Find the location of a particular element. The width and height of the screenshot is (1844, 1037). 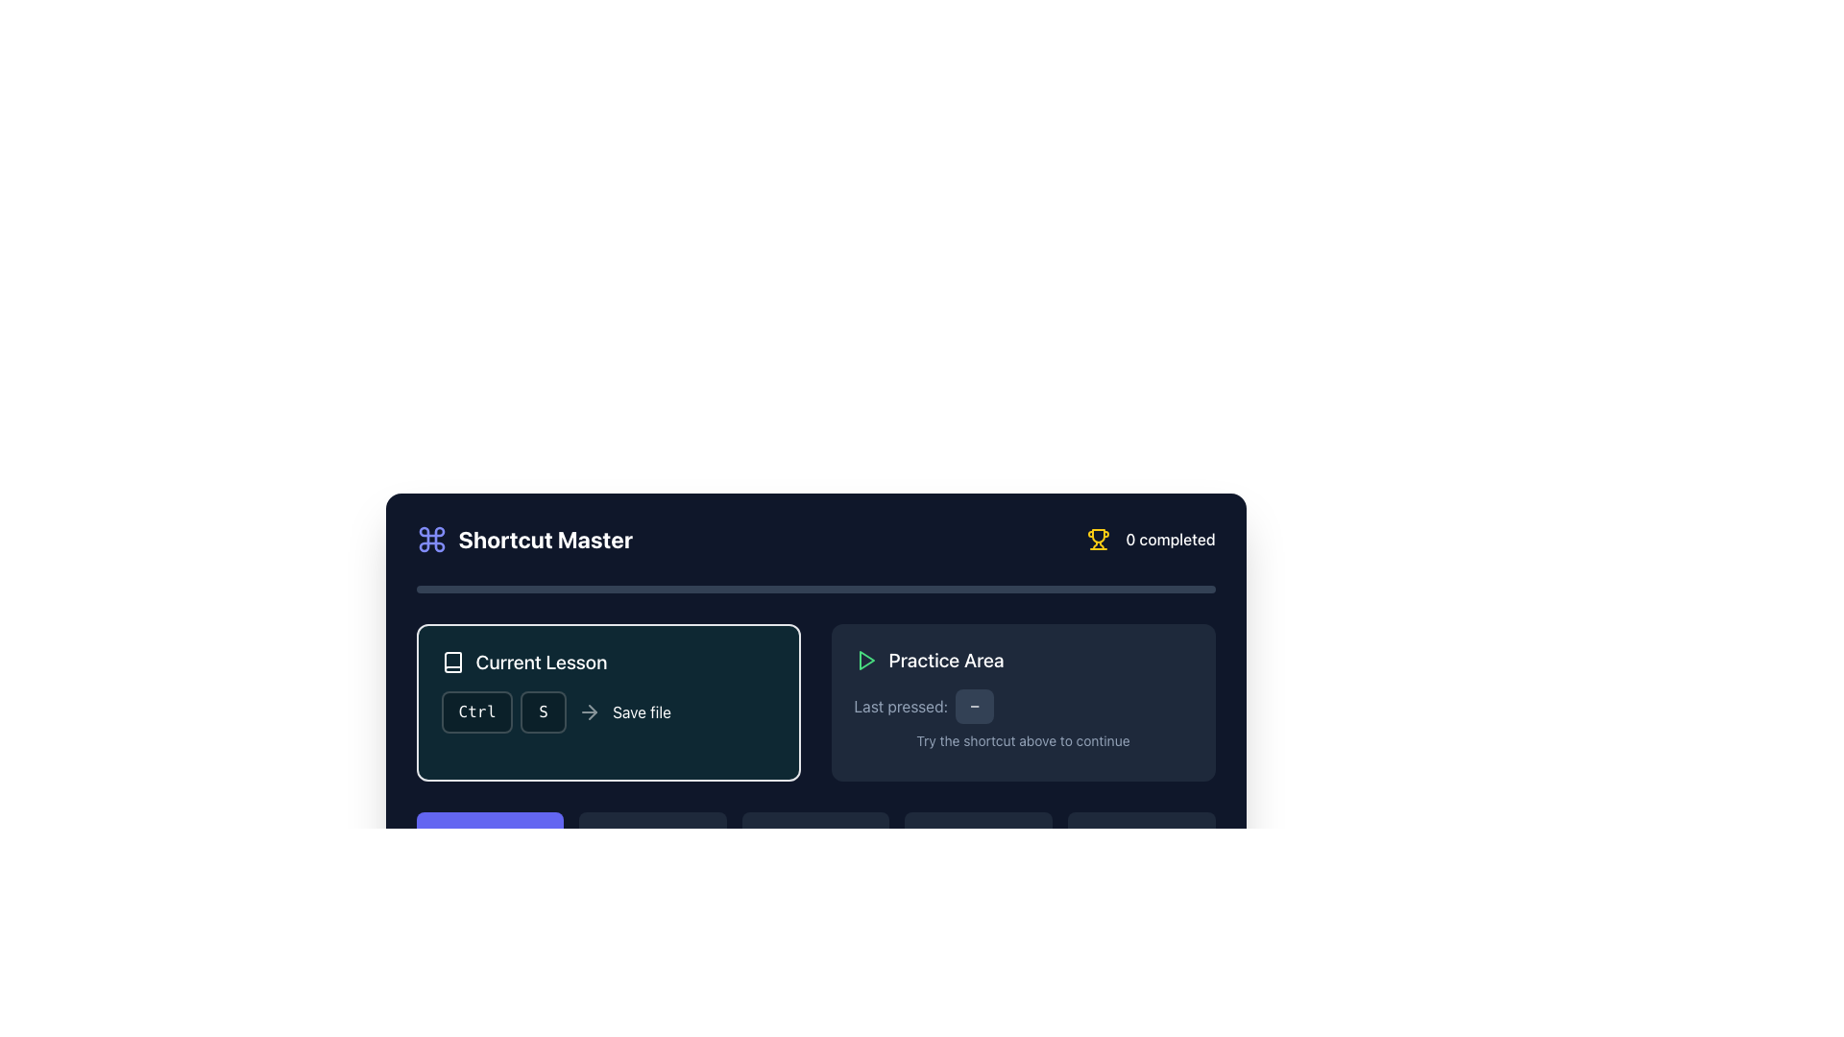

the green triangular play button located within the 'Practice Area' card is located at coordinates (864, 659).